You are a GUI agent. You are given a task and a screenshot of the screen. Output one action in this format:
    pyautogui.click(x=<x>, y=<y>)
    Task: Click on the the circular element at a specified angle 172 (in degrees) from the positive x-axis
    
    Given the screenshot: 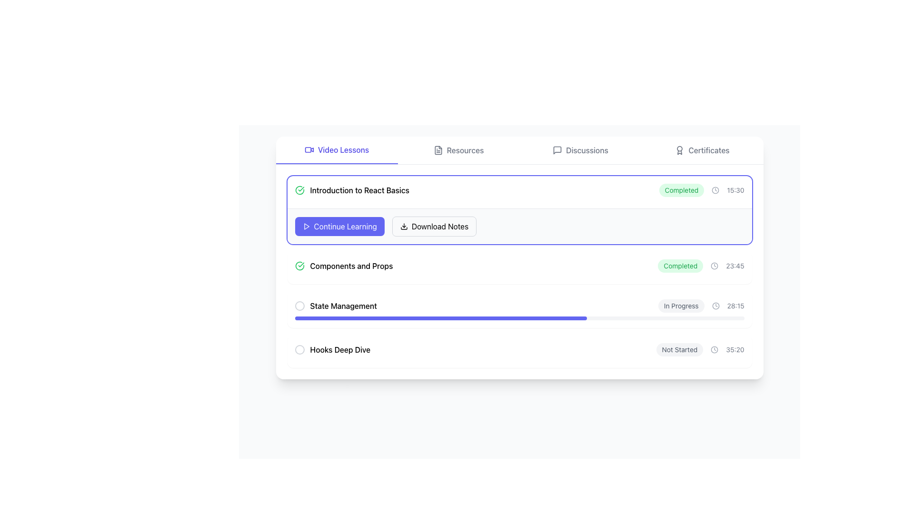 What is the action you would take?
    pyautogui.click(x=714, y=345)
    